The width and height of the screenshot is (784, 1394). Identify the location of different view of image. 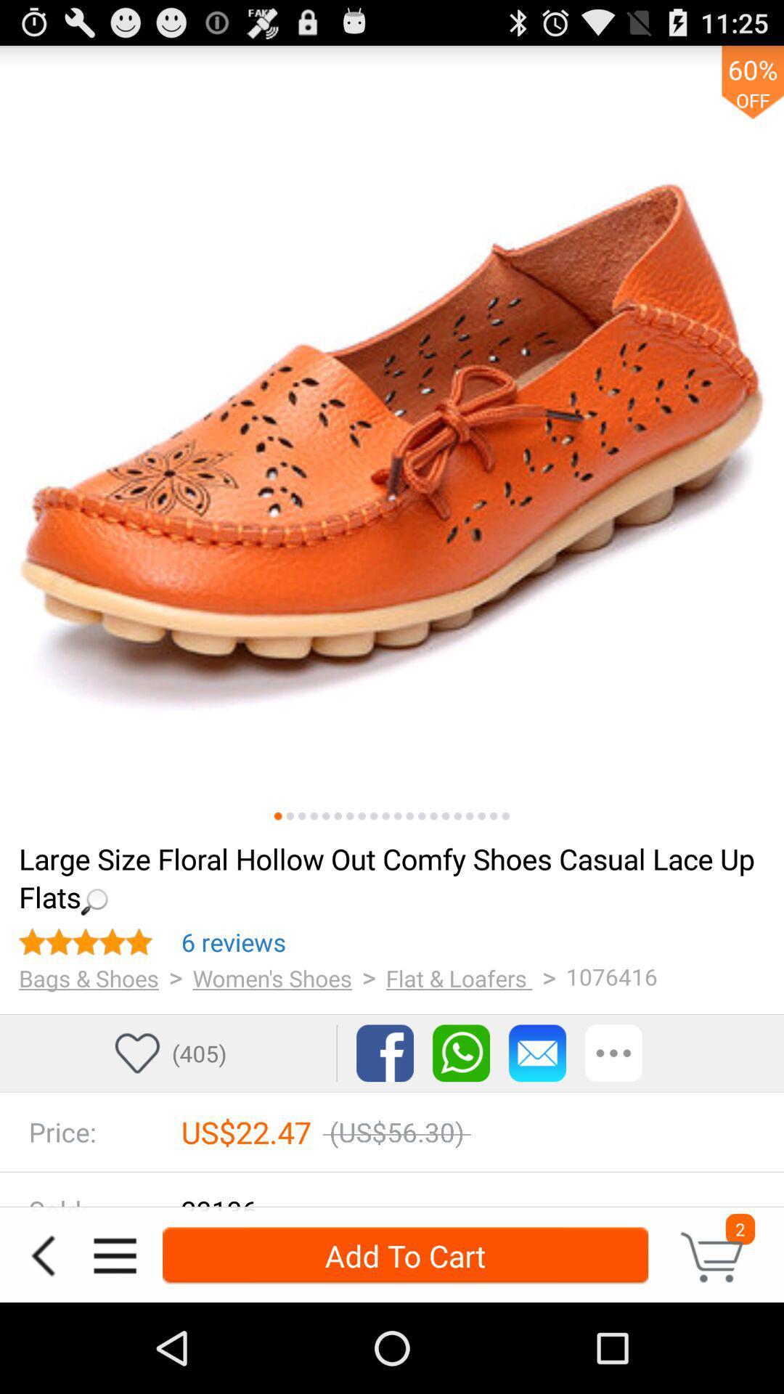
(385, 816).